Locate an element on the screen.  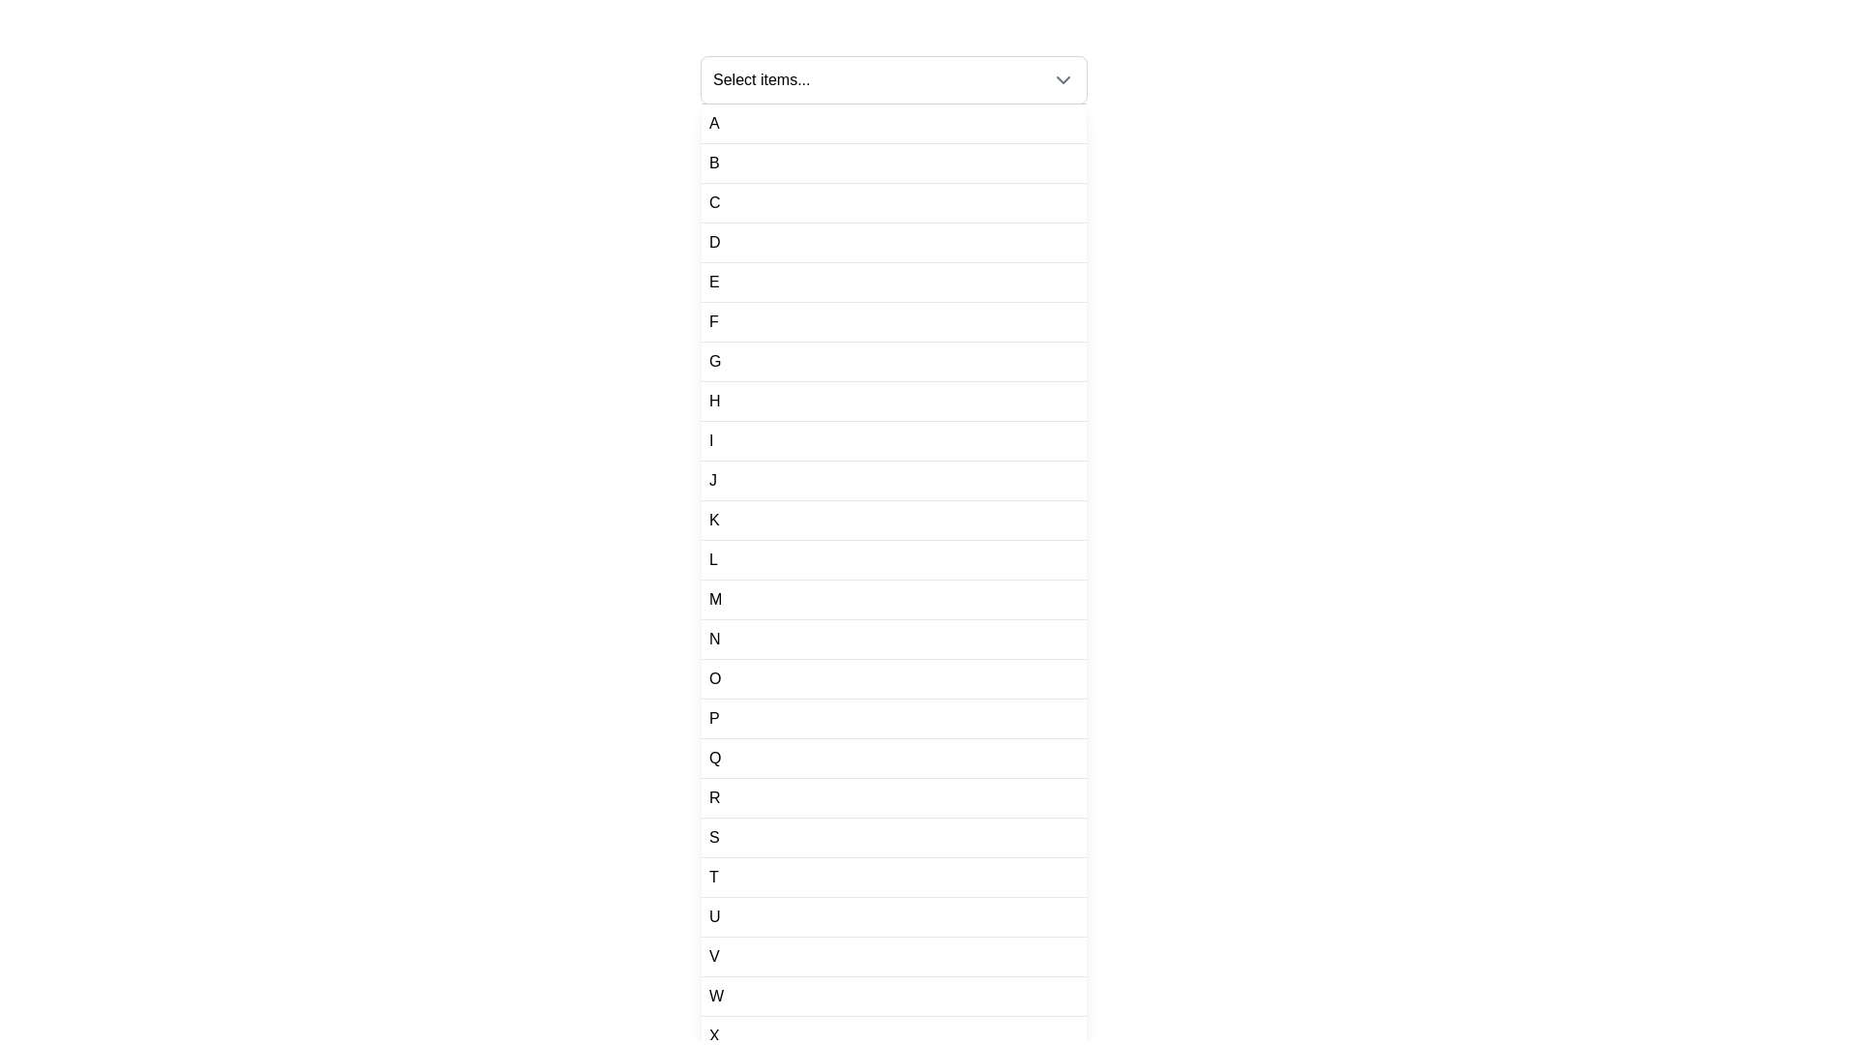
the collapsed dropdown menu labeled 'Select items...' is located at coordinates (893, 79).